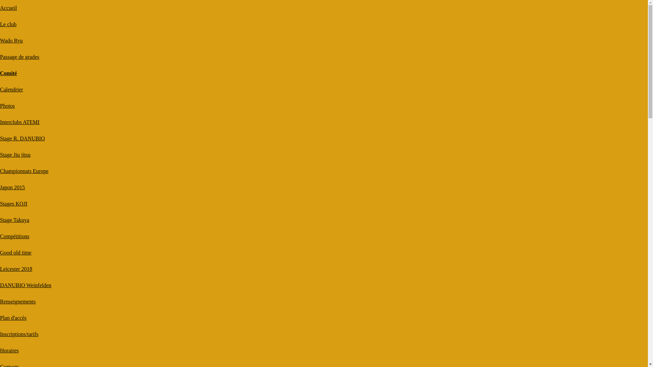 Image resolution: width=653 pixels, height=367 pixels. I want to click on 'Stage R. DANUBIO', so click(22, 138).